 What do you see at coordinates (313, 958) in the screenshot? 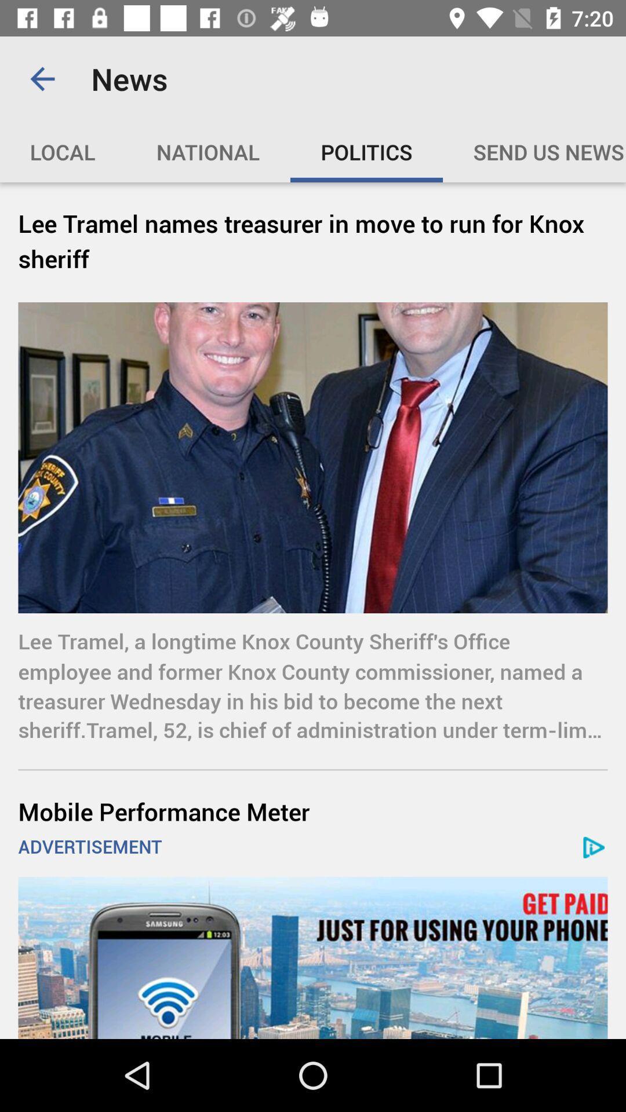
I see `advertisement` at bounding box center [313, 958].